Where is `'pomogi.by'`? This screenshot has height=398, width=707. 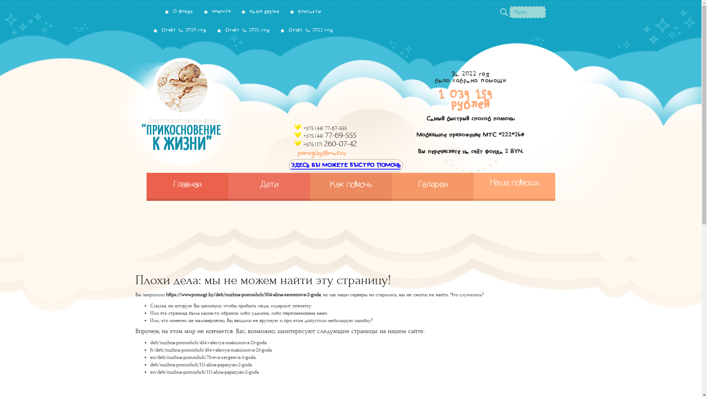 'pomogi.by' is located at coordinates (206, 113).